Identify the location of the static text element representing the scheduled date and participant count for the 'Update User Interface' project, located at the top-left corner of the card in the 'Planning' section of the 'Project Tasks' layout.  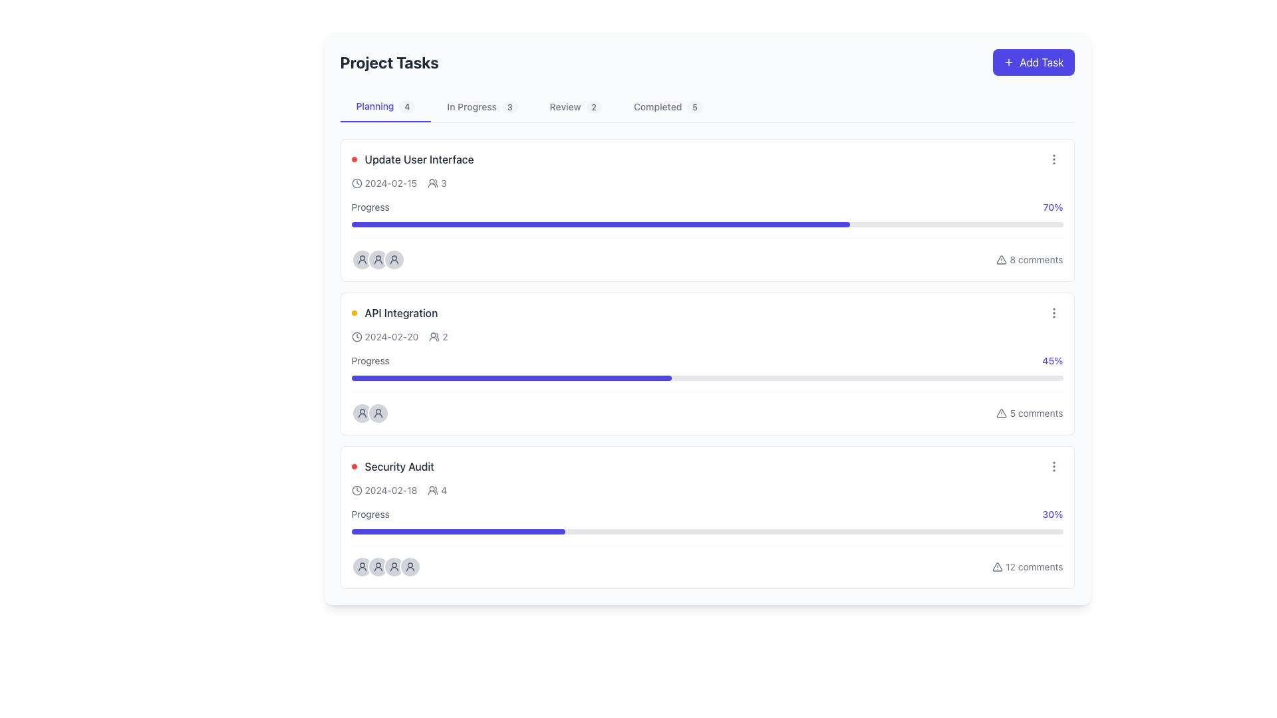
(398, 183).